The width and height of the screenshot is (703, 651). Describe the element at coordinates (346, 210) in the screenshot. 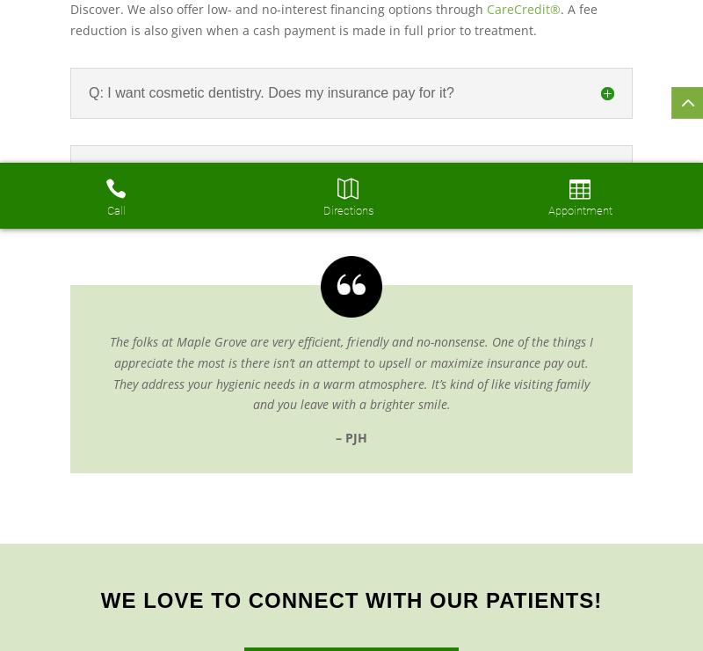

I see `'Directions'` at that location.